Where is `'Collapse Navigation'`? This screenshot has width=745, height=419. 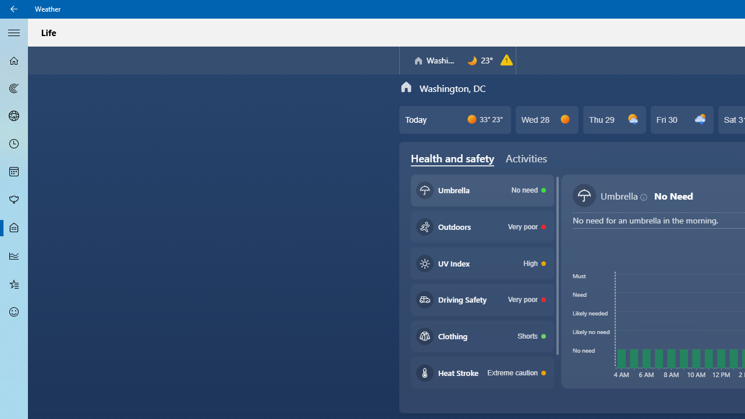 'Collapse Navigation' is located at coordinates (14, 31).